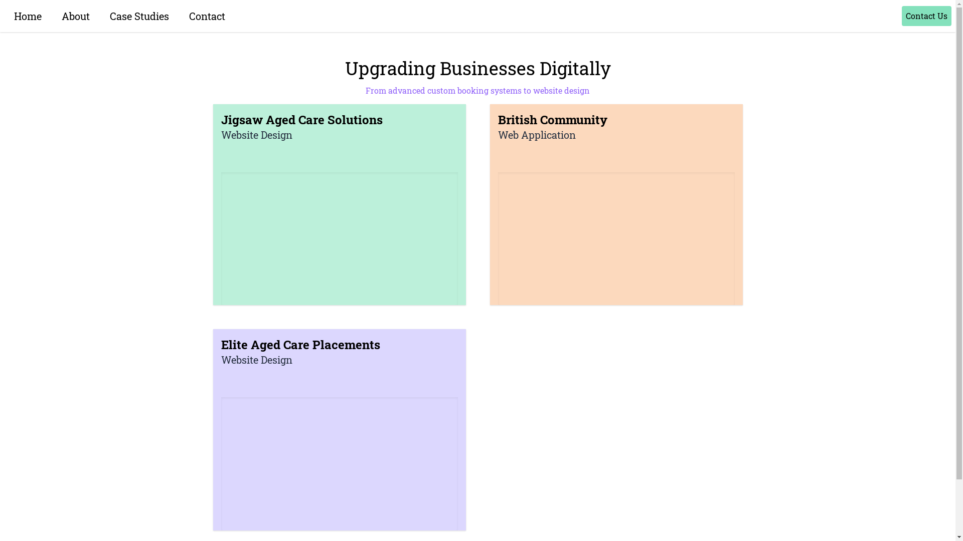 The image size is (963, 541). I want to click on 'Elite Aged Care Placements, so click(339, 429).